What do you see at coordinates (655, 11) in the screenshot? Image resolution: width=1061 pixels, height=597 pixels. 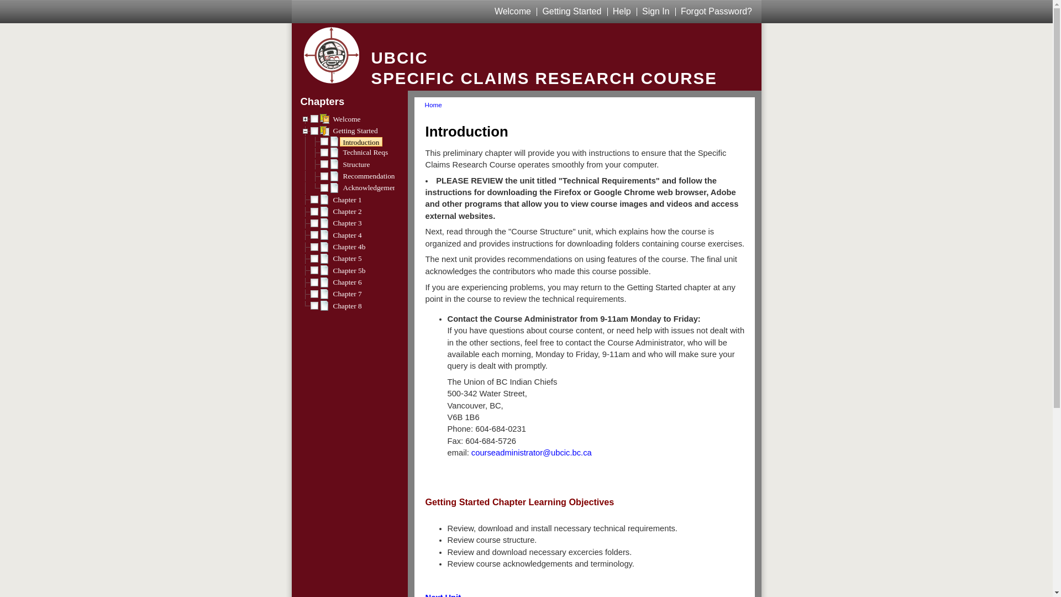 I see `'Sign In'` at bounding box center [655, 11].